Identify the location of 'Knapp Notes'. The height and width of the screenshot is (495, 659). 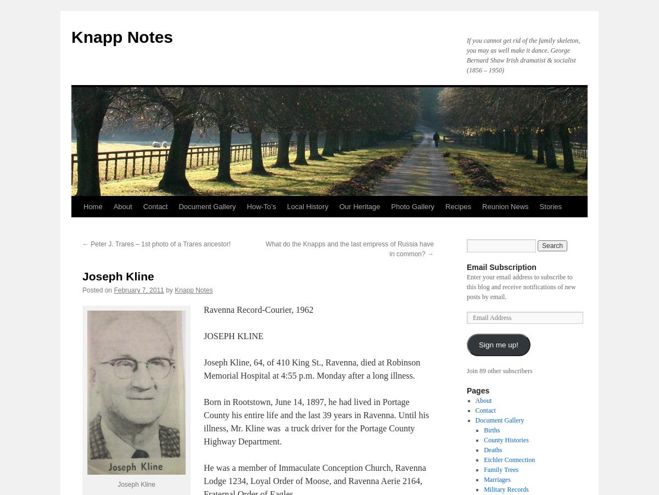
(193, 290).